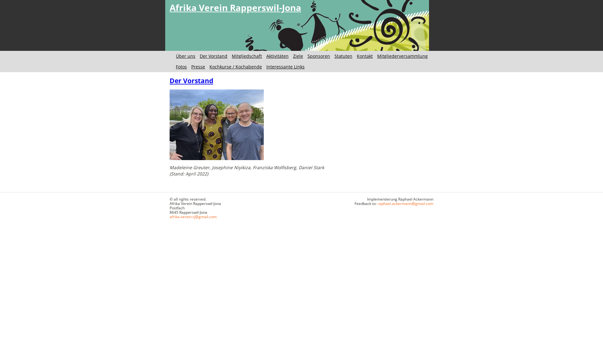  I want to click on 'Mitgliederversammlung', so click(402, 56).